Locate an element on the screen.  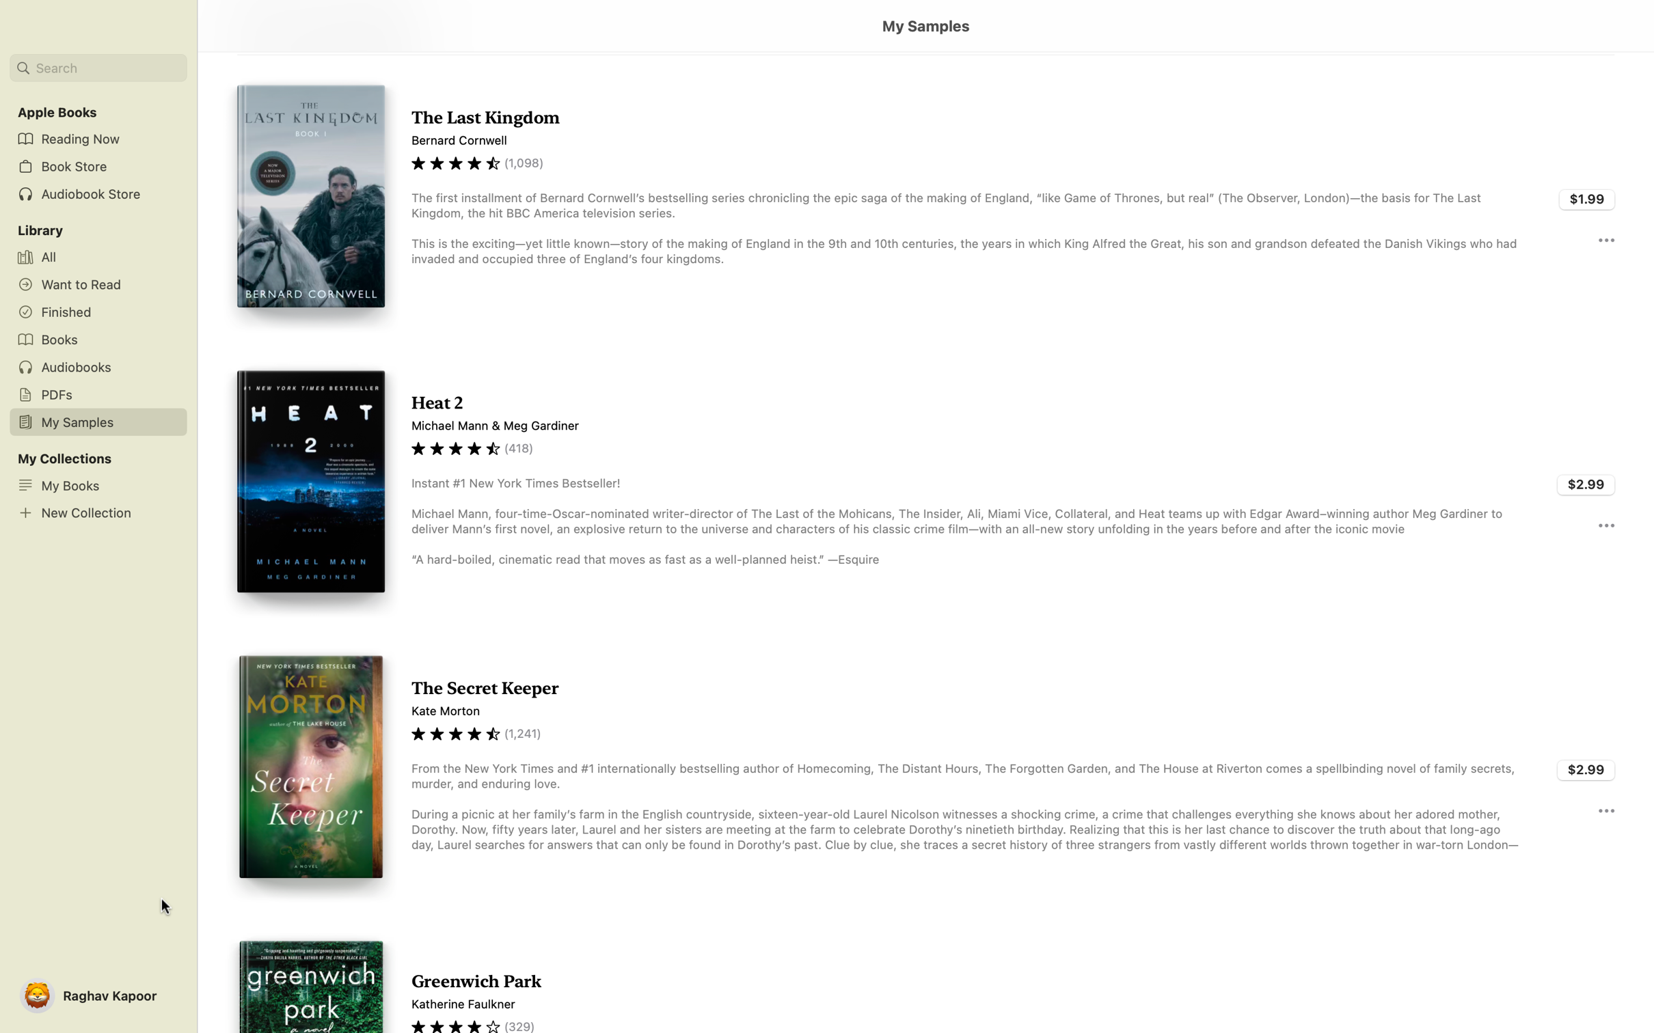
Execute the buying process for the book "Secret Keeper is located at coordinates (1586, 767).